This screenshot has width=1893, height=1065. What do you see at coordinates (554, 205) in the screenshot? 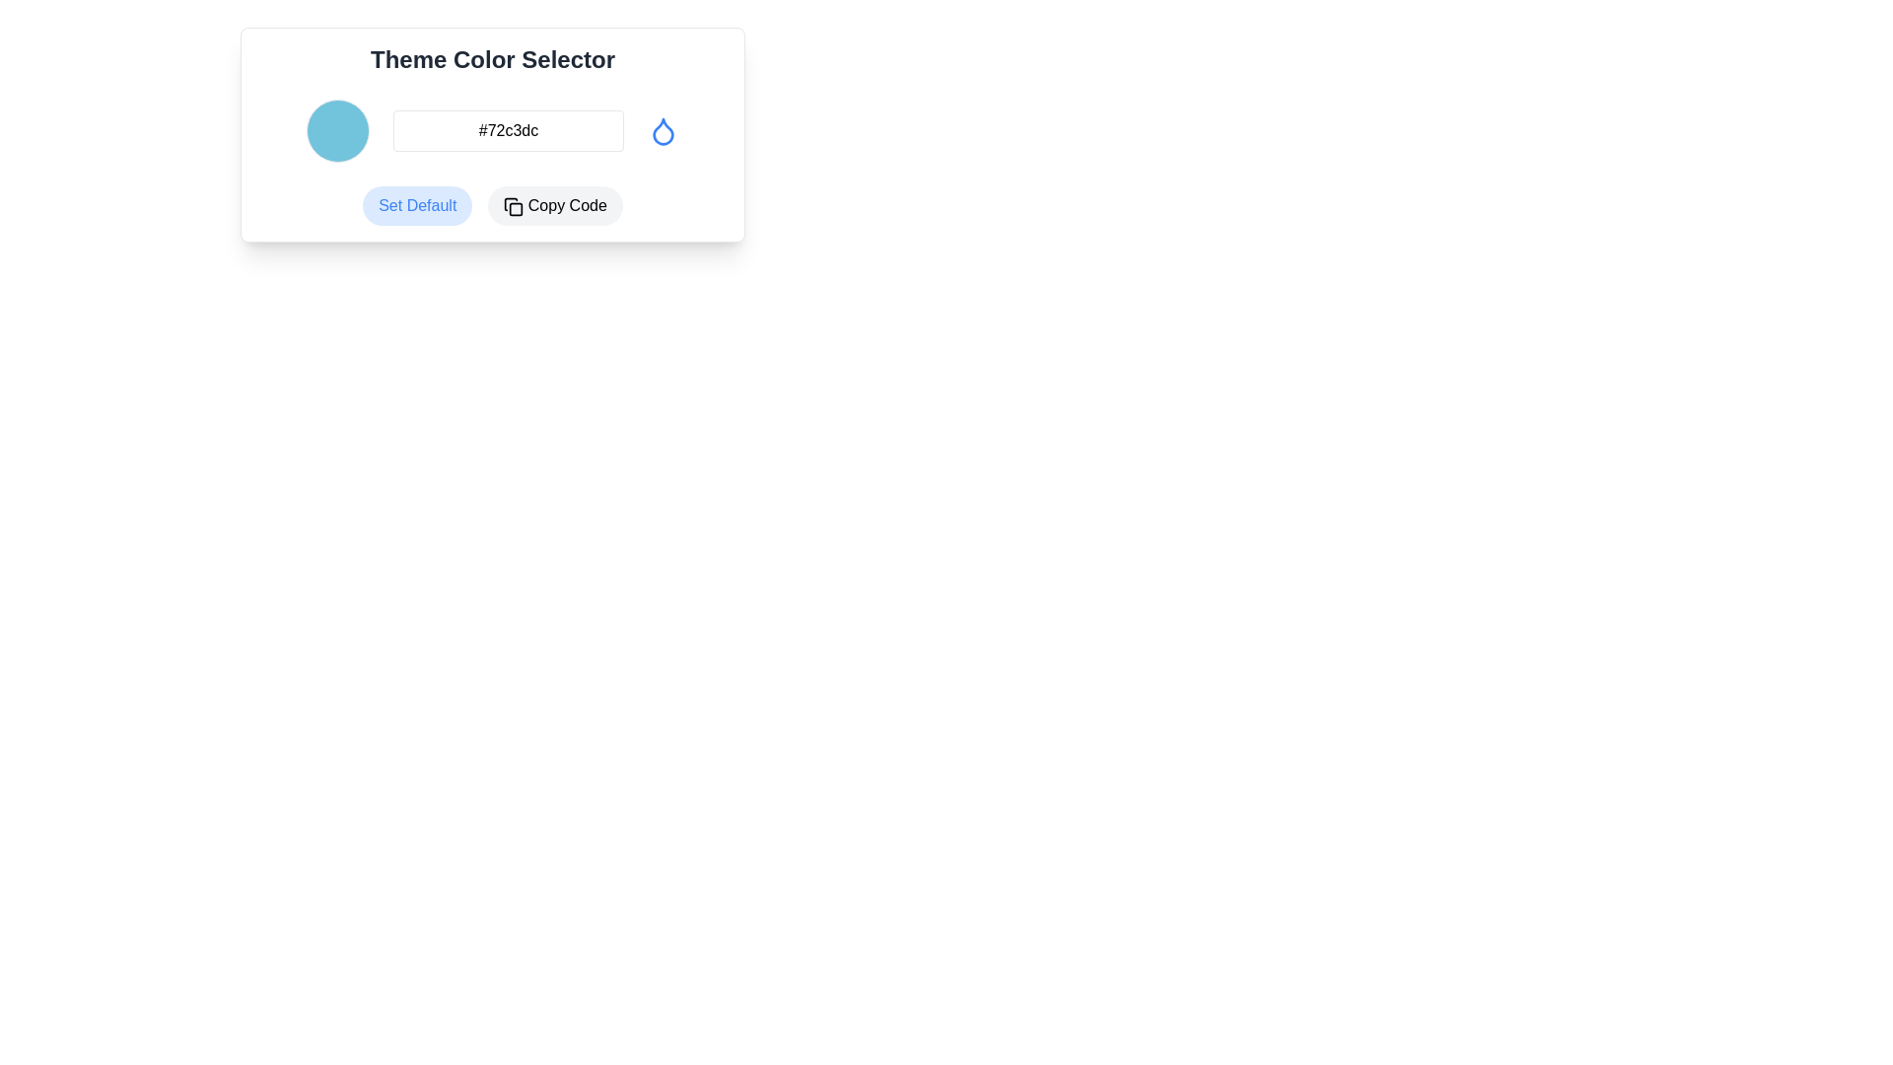
I see `the 'Copy Code' button, which is a rounded rectangle with a light gray background, located to the right of the 'Set Default' button` at bounding box center [554, 205].